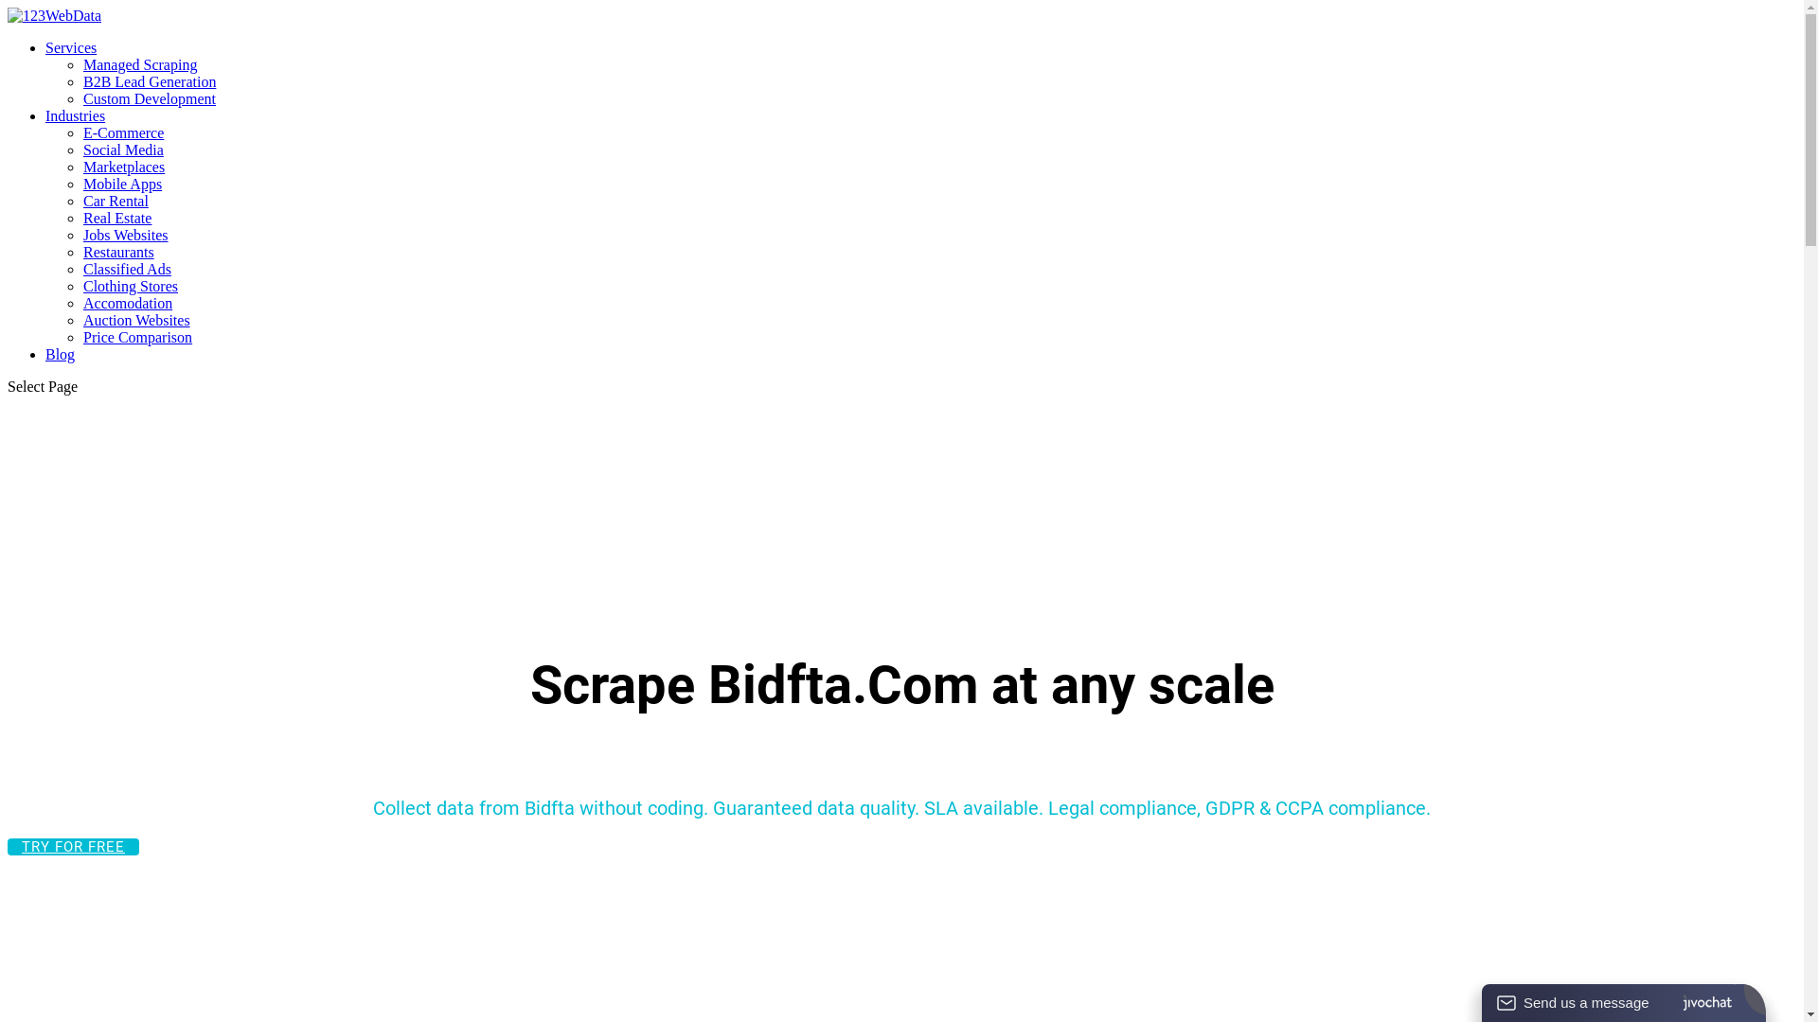  I want to click on 'Industries', so click(75, 115).